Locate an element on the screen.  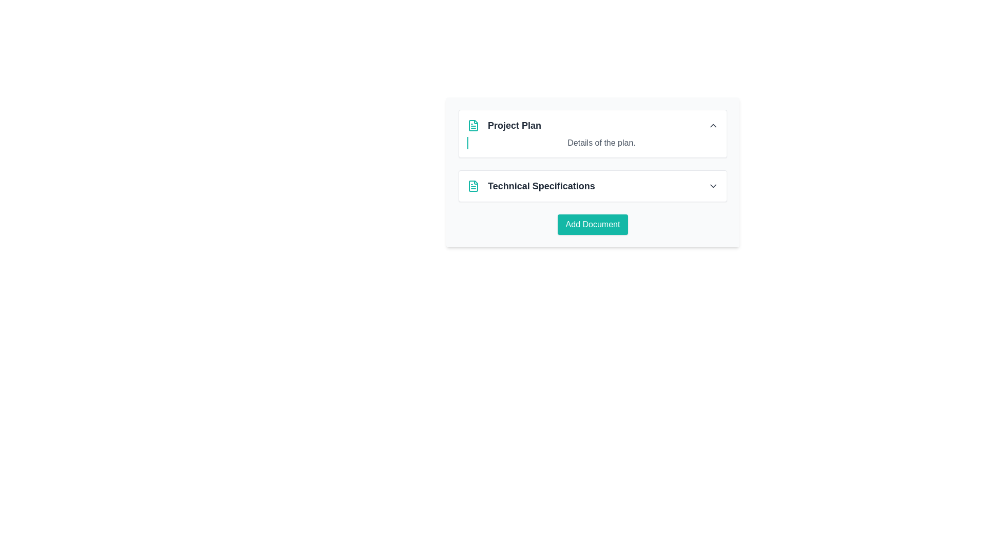
the document file icon located in the second row of the list, positioned to the left of the text 'Technical Specifications' is located at coordinates (472, 186).